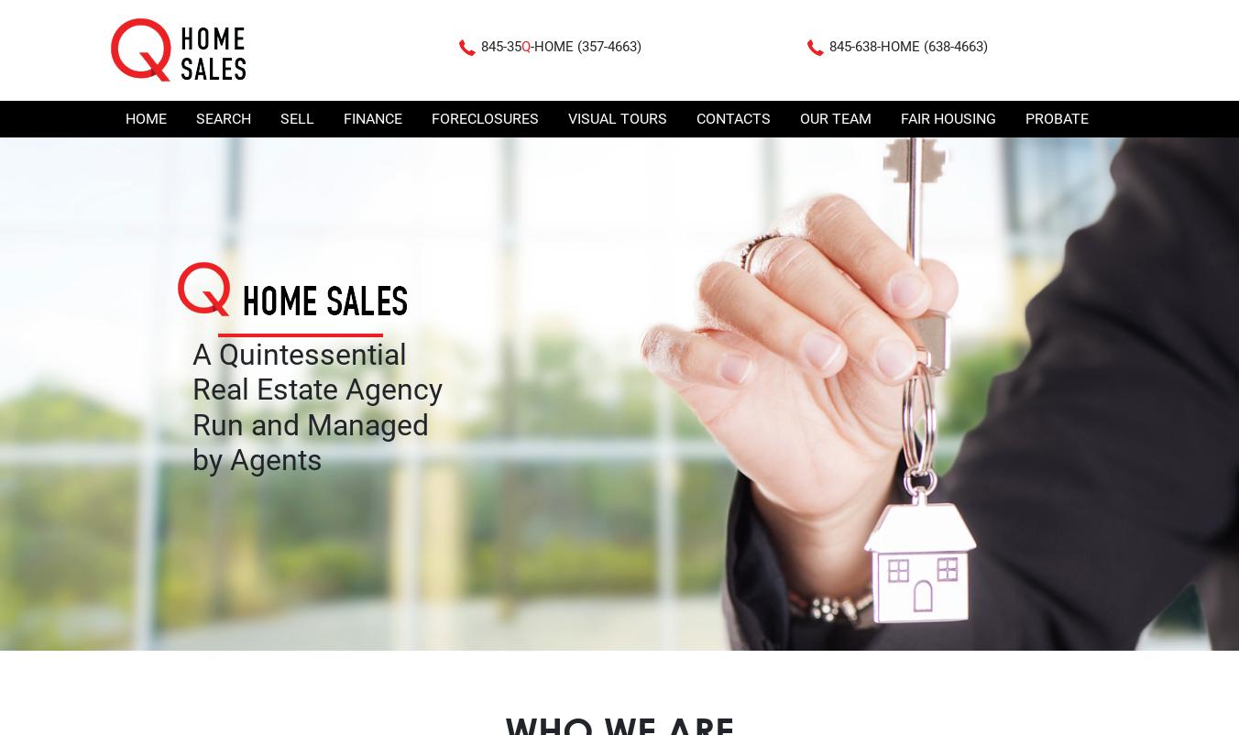 The height and width of the screenshot is (735, 1239). I want to click on '845-638-HOME (638-4663)', so click(908, 46).